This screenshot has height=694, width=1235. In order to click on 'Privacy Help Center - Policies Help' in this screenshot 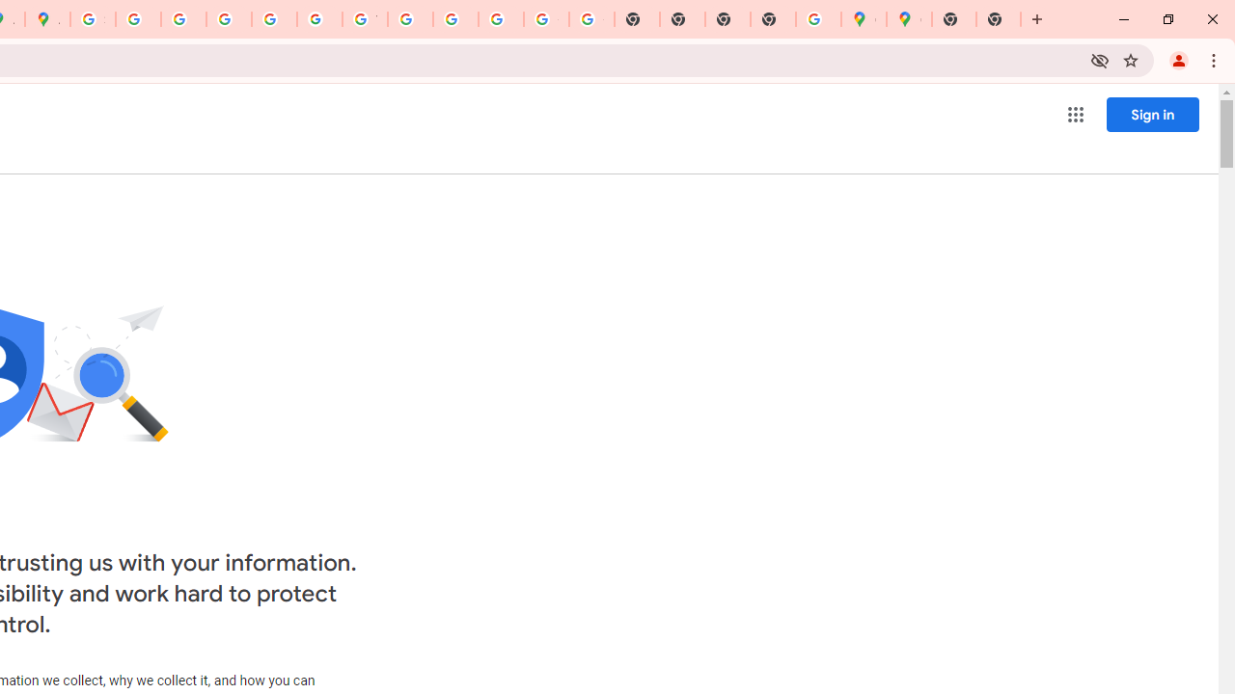, I will do `click(183, 19)`.